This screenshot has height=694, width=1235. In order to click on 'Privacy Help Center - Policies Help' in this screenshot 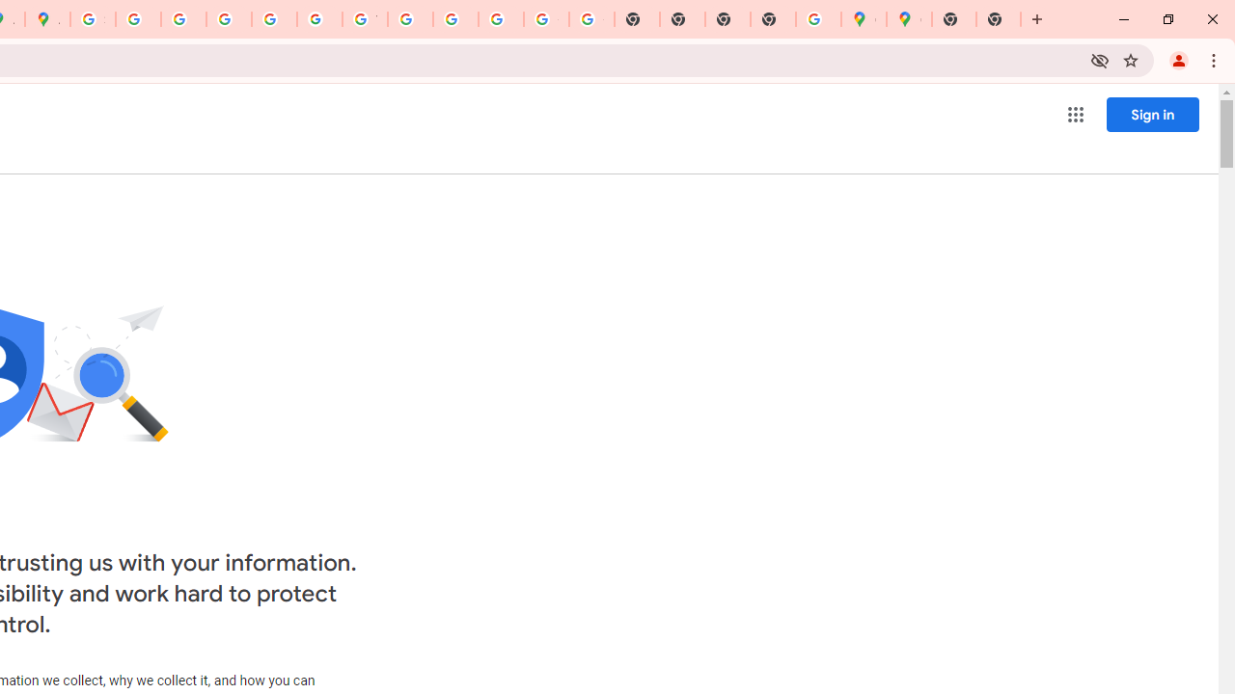, I will do `click(183, 19)`.